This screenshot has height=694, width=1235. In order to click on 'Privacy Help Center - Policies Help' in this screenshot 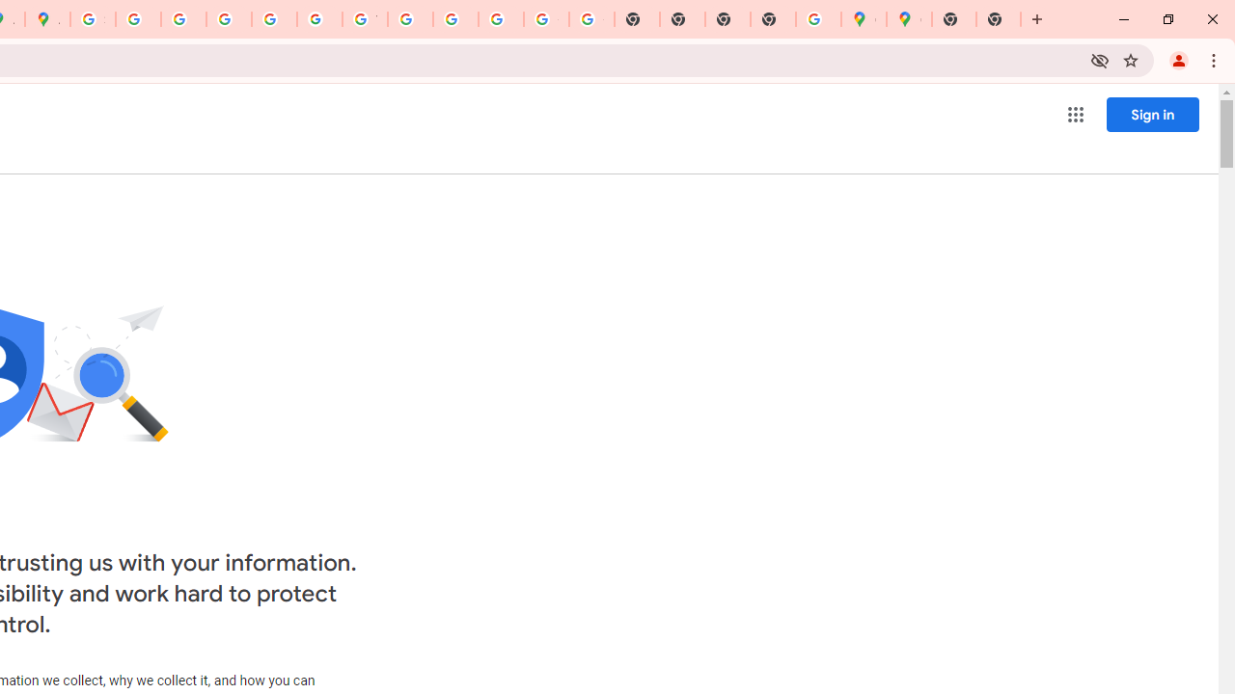, I will do `click(183, 19)`.